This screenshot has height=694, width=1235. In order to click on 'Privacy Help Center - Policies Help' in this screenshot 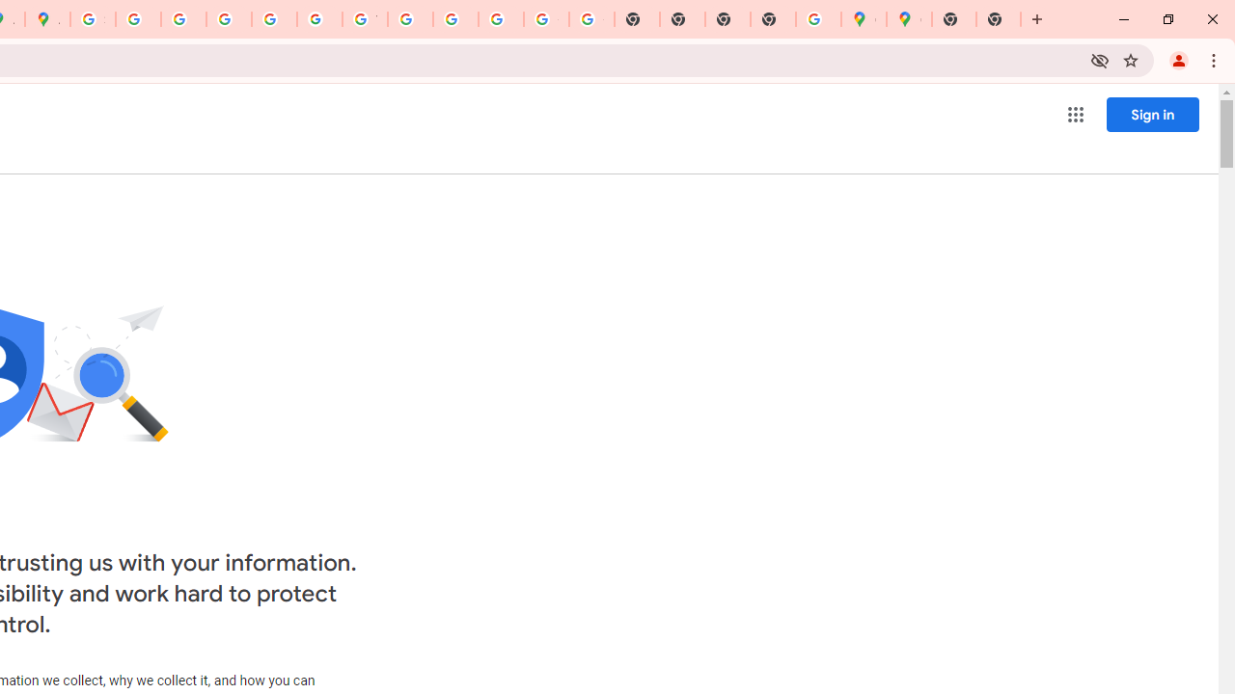, I will do `click(183, 19)`.